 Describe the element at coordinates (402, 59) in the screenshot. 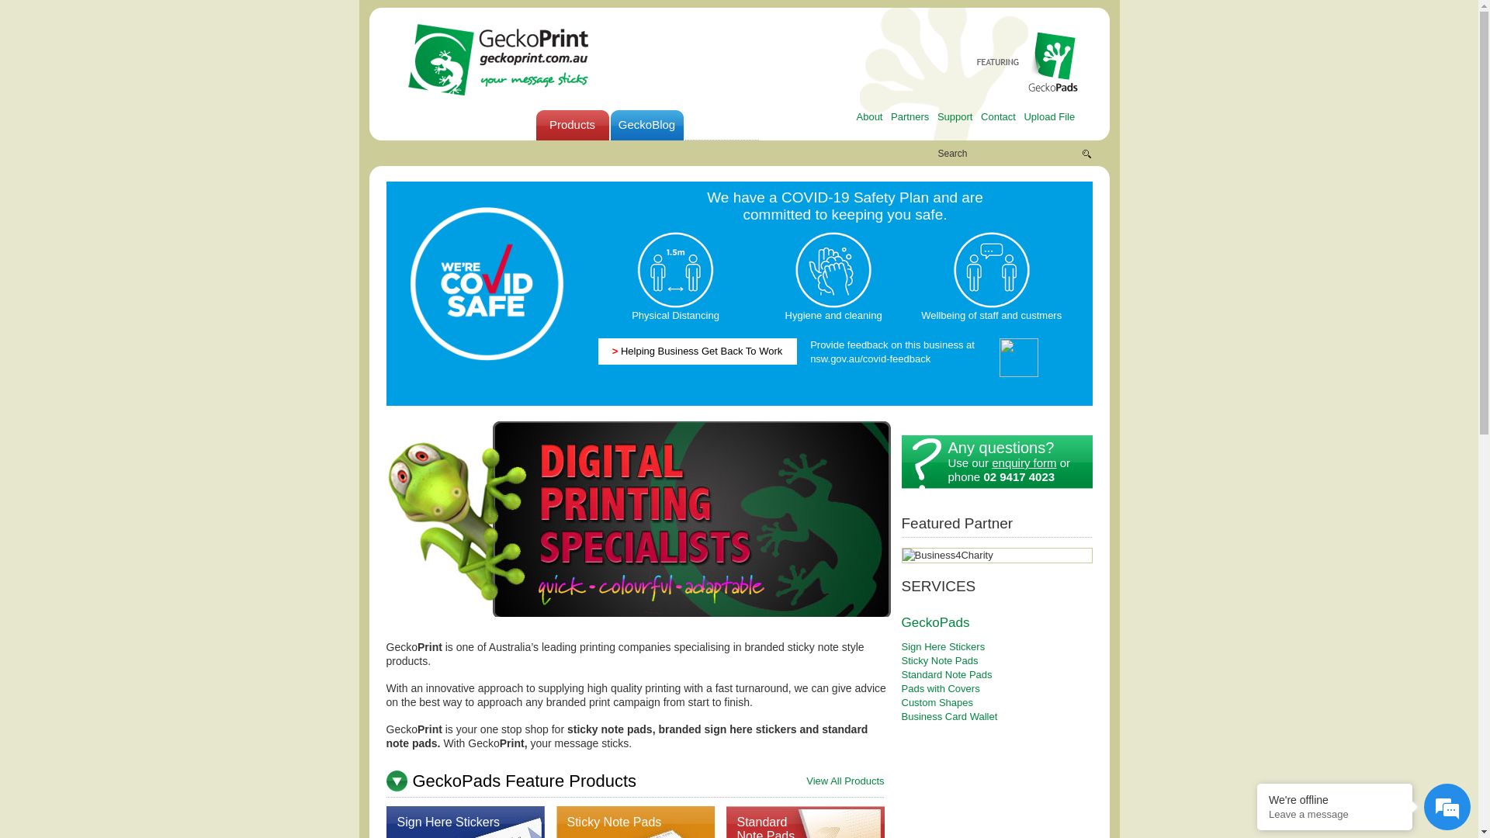

I see `'GeckoPrint - Printing Services in Sydney'` at that location.